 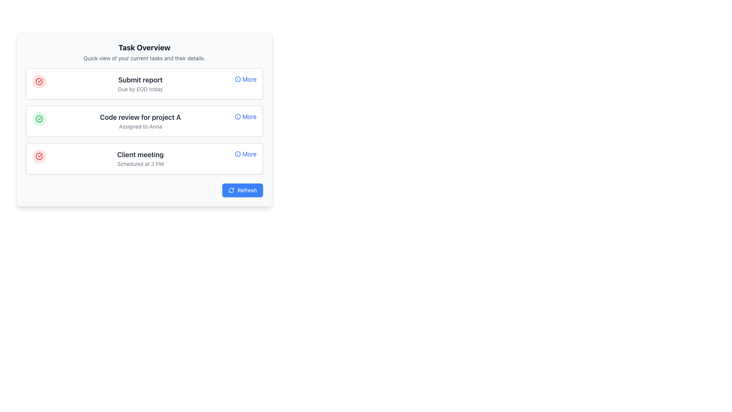 I want to click on the button located in the upper right corner of the 'Submit report' task group, so click(x=246, y=79).